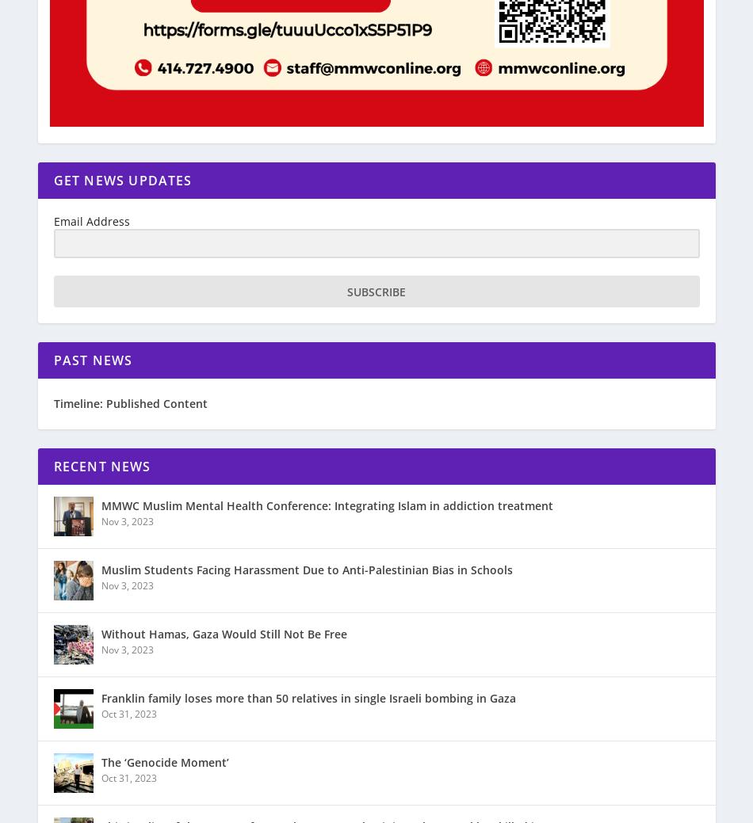 This screenshot has height=823, width=753. Describe the element at coordinates (376, 290) in the screenshot. I see `'Subscribe'` at that location.